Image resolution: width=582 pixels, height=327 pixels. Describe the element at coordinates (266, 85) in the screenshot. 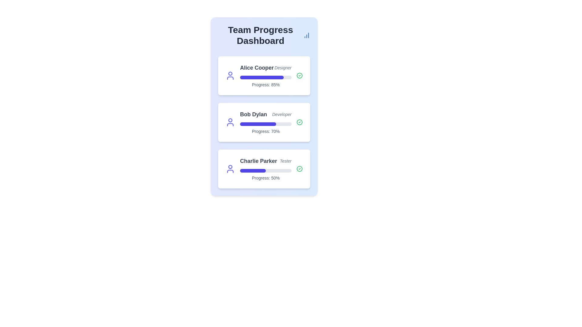

I see `the informational text label that displays the percentage progress for user 'Alice Cooper', which is centrally located at the bottom section of the card beneath the progress bar` at that location.